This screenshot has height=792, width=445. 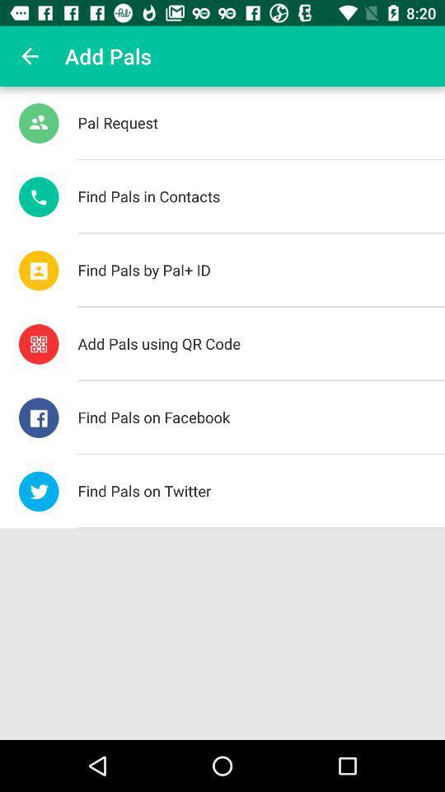 I want to click on item to the left of add pals icon, so click(x=30, y=56).